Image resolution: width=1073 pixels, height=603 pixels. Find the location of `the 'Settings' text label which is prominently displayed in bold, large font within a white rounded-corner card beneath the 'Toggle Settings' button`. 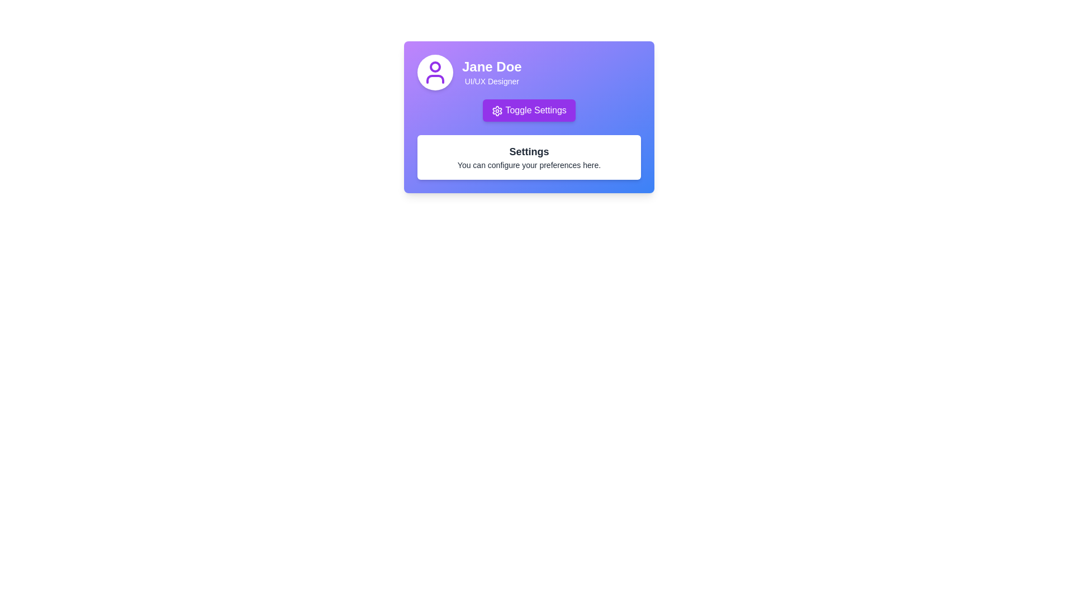

the 'Settings' text label which is prominently displayed in bold, large font within a white rounded-corner card beneath the 'Toggle Settings' button is located at coordinates (528, 152).